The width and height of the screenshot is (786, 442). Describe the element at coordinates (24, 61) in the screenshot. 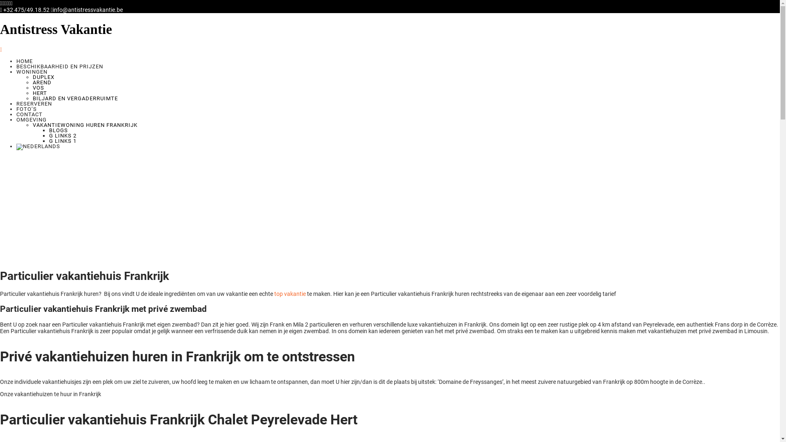

I see `'HOME'` at that location.